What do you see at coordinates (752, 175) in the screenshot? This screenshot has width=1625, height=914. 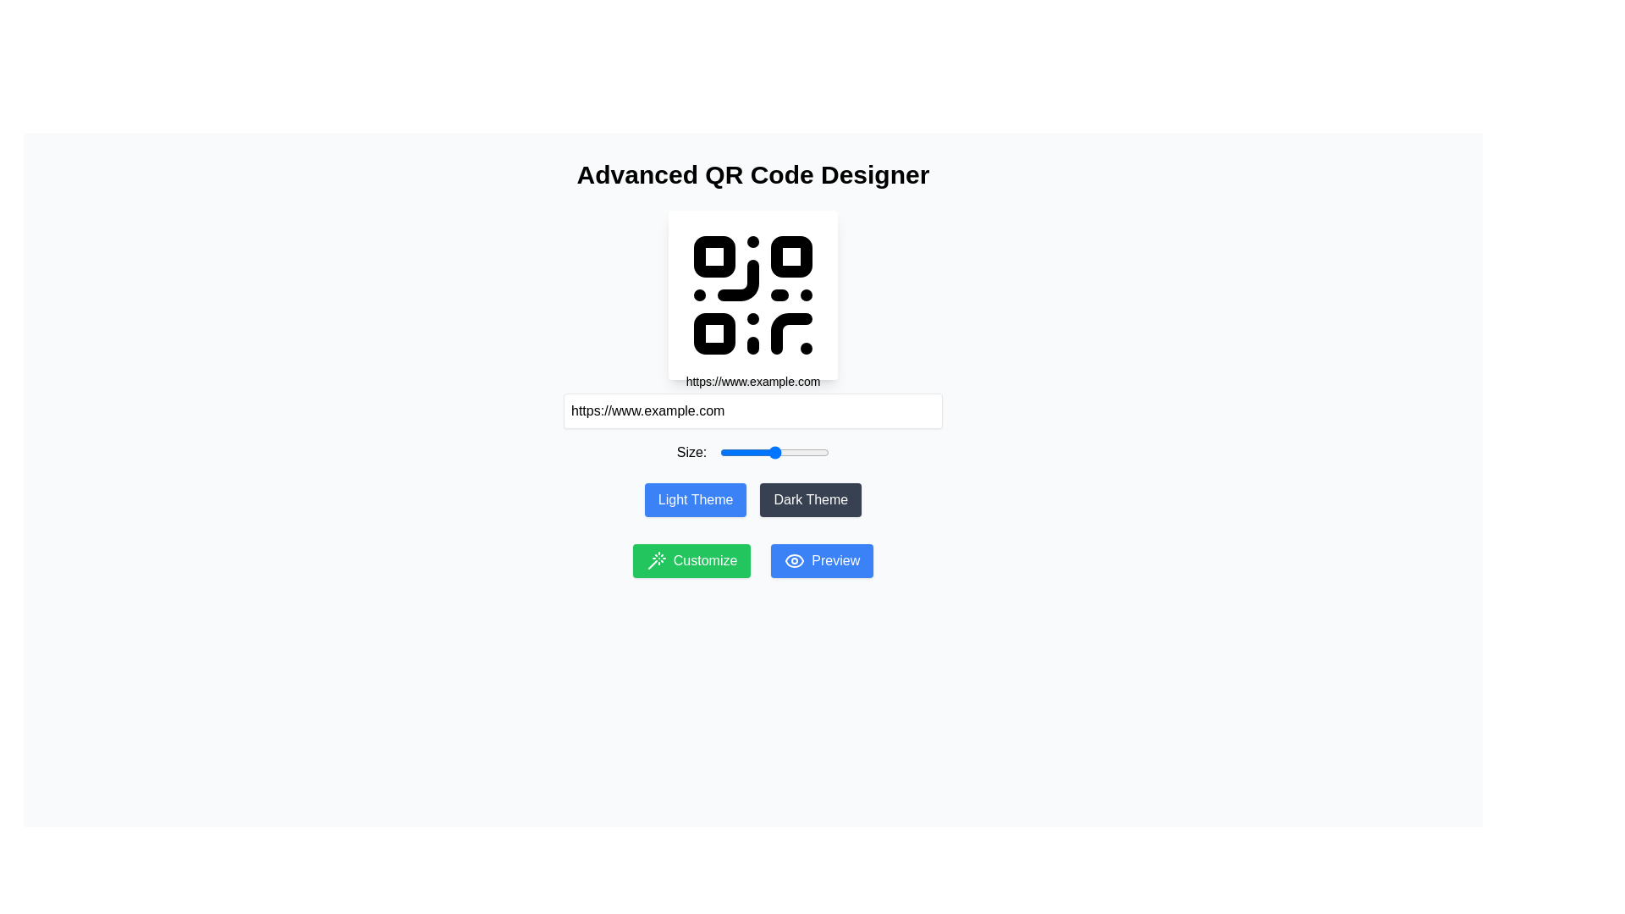 I see `the bold text label reading 'Advanced QR Code Designer' located at the top center of the interface` at bounding box center [752, 175].